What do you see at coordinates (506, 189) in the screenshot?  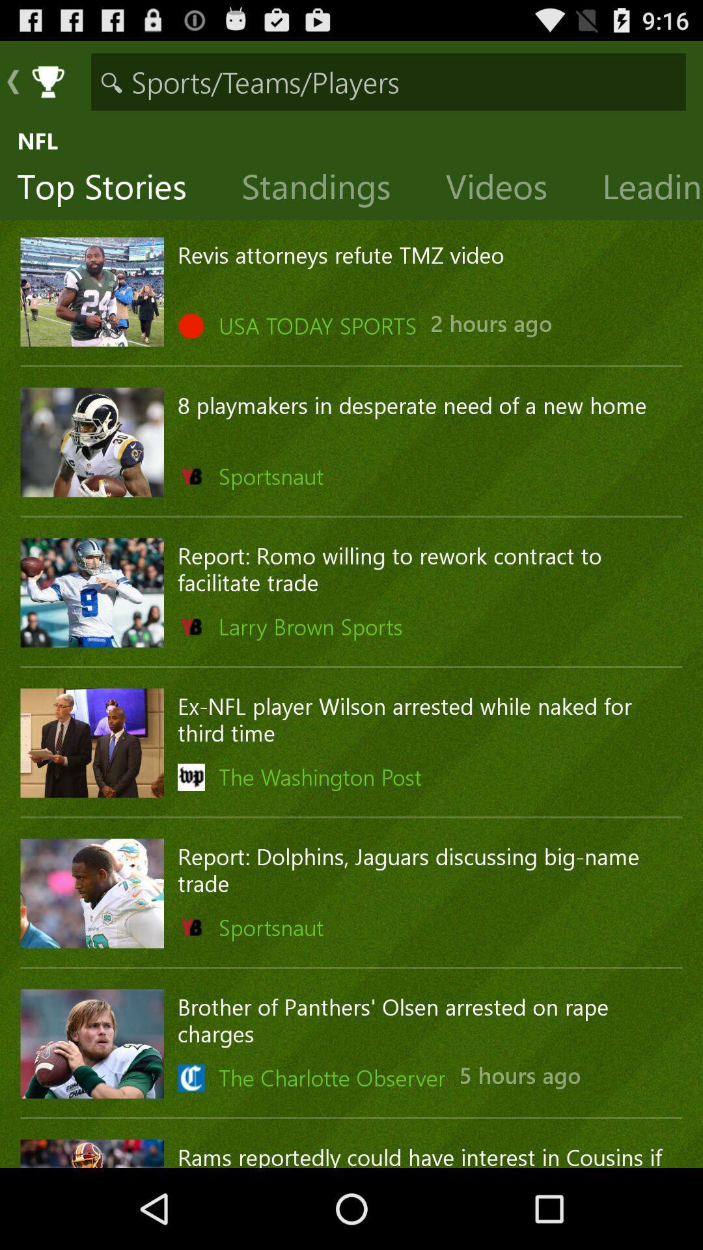 I see `the item above revis attorneys refute icon` at bounding box center [506, 189].